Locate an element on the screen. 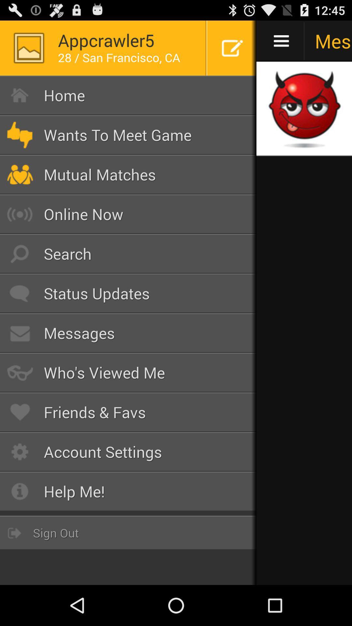 This screenshot has height=626, width=352. the button above the messages item is located at coordinates (128, 293).